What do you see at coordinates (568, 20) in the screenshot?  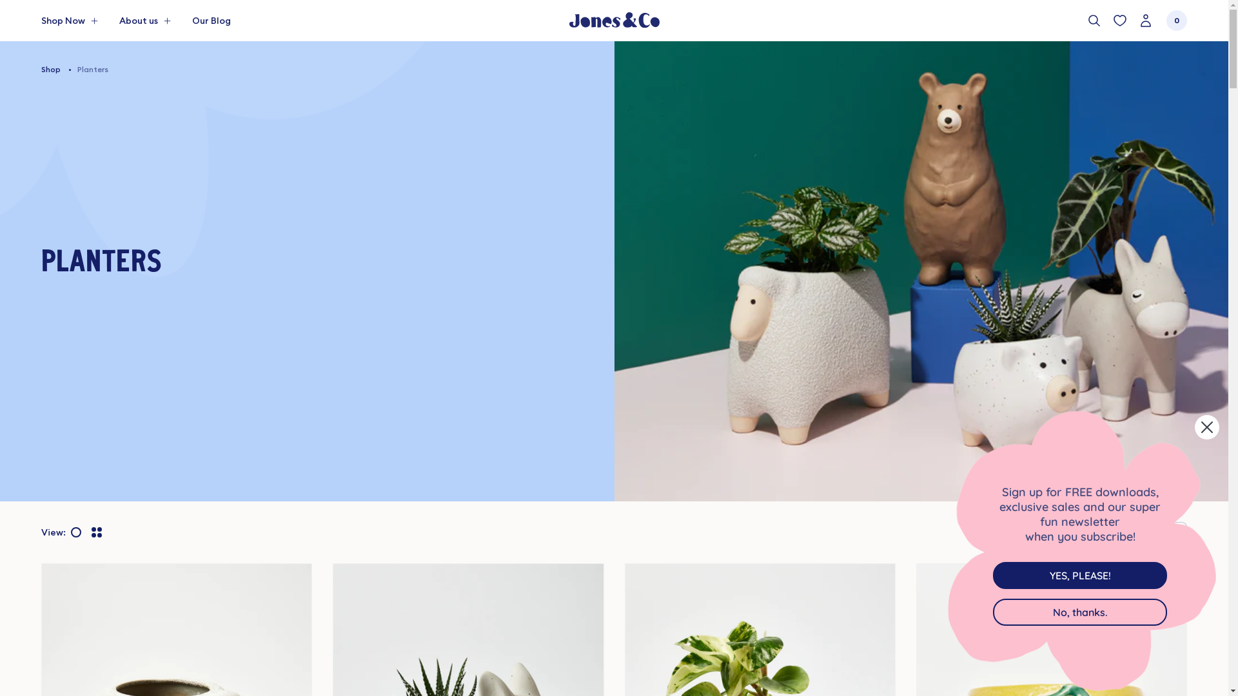 I see `'Jones & Co` at bounding box center [568, 20].